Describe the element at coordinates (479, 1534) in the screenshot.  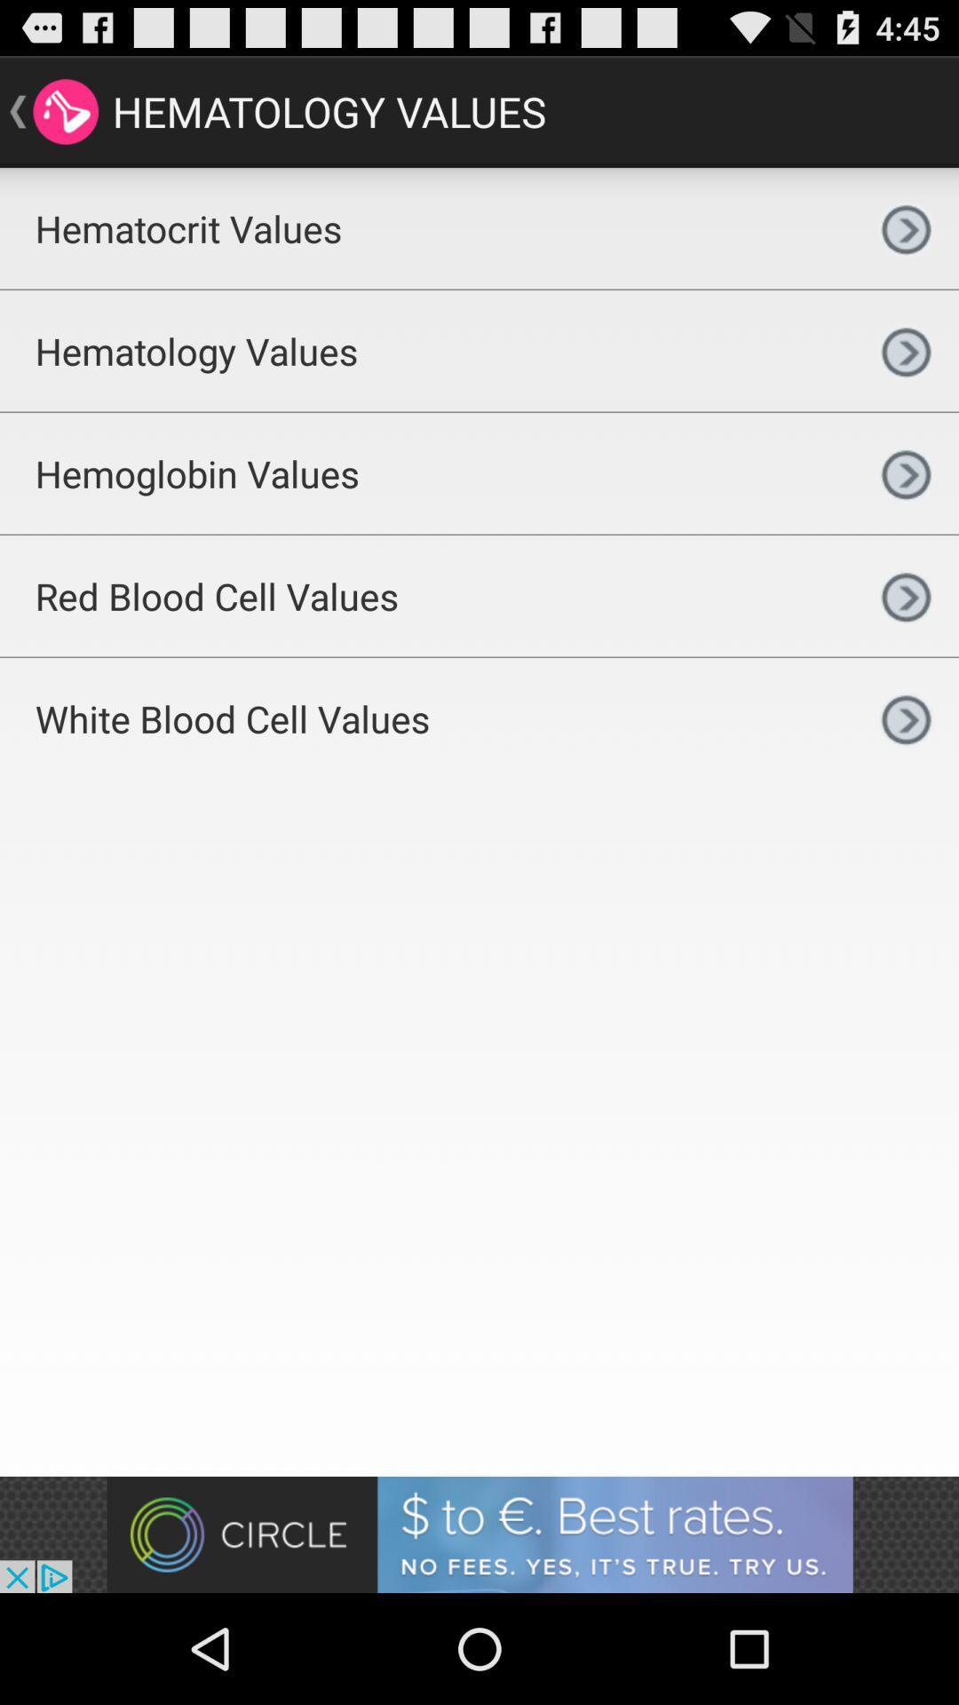
I see `open advertisement` at that location.